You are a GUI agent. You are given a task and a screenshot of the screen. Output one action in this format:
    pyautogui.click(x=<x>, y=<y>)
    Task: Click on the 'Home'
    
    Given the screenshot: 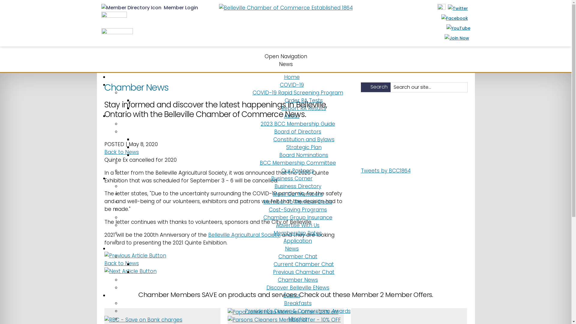 What is the action you would take?
    pyautogui.click(x=291, y=77)
    